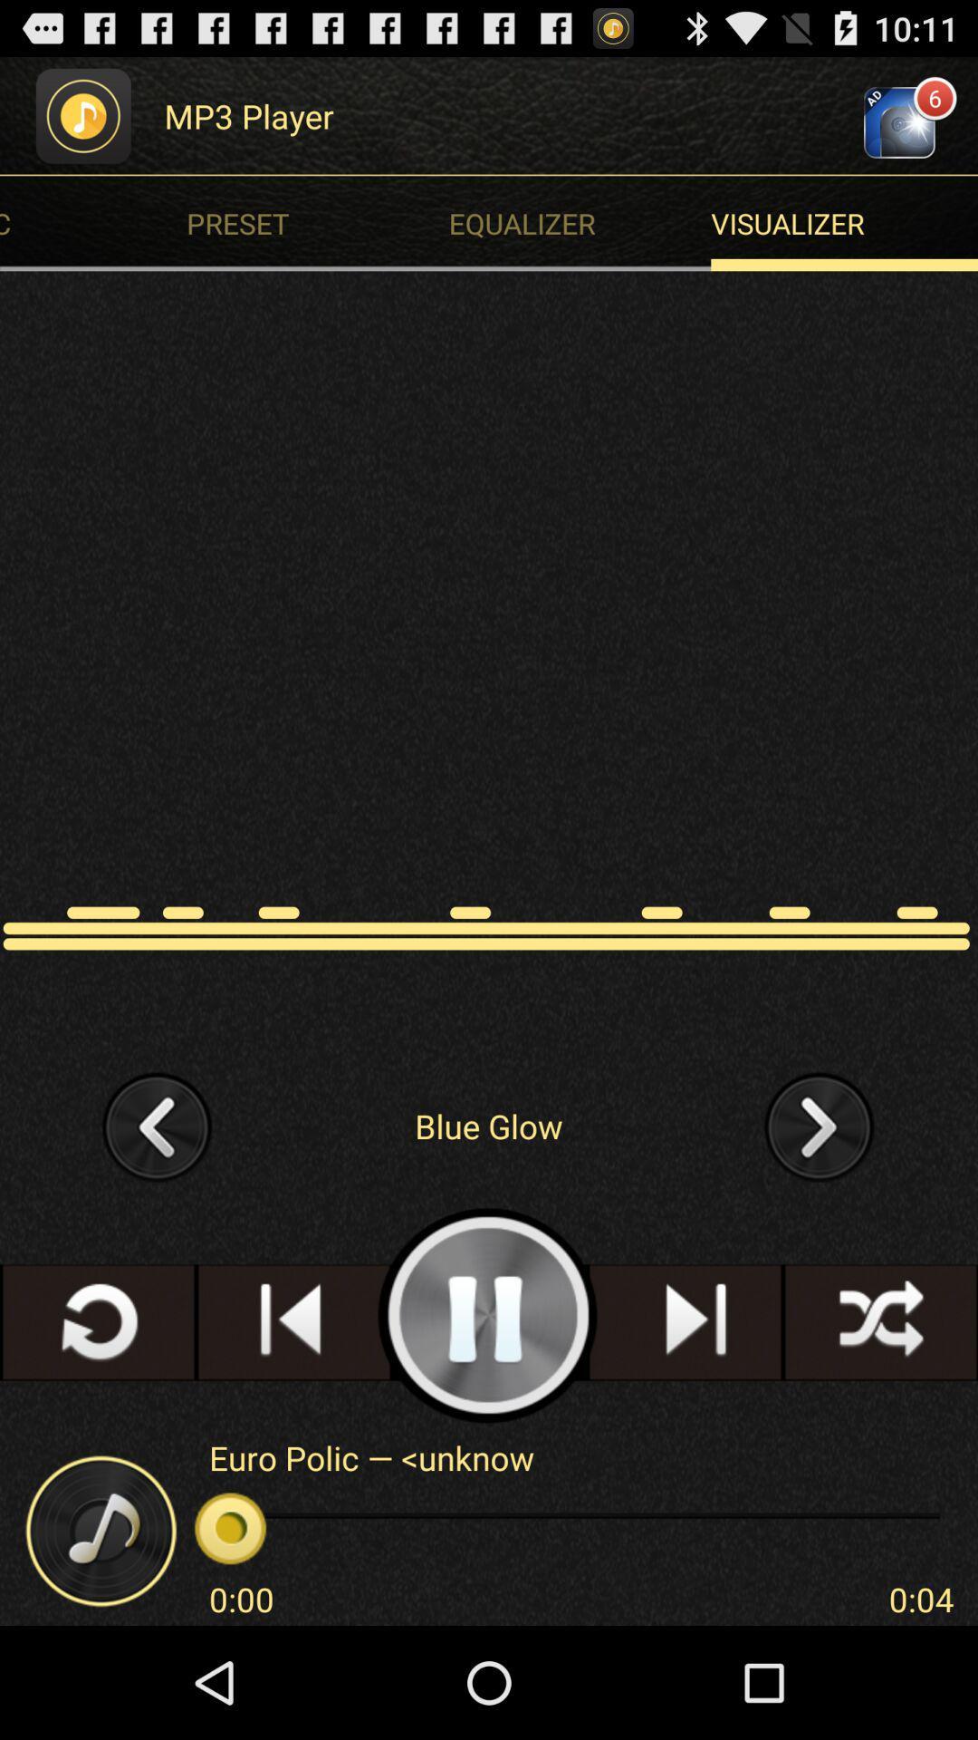 The image size is (978, 1740). I want to click on the item to the left of visualizer icon, so click(321, 222).